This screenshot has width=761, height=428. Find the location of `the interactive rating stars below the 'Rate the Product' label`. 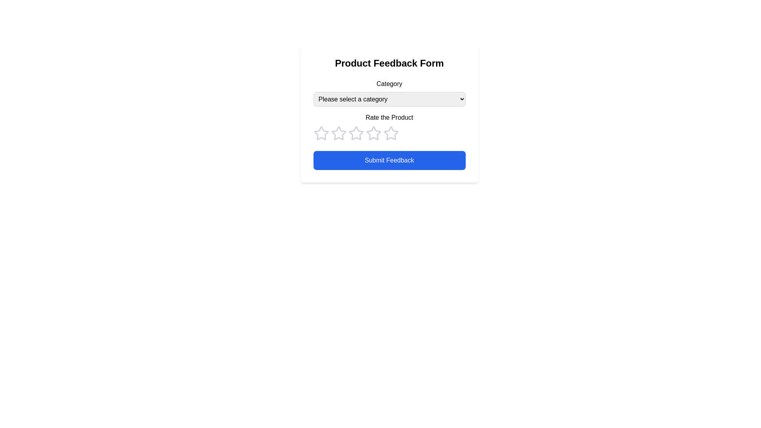

the interactive rating stars below the 'Rate the Product' label is located at coordinates (389, 126).